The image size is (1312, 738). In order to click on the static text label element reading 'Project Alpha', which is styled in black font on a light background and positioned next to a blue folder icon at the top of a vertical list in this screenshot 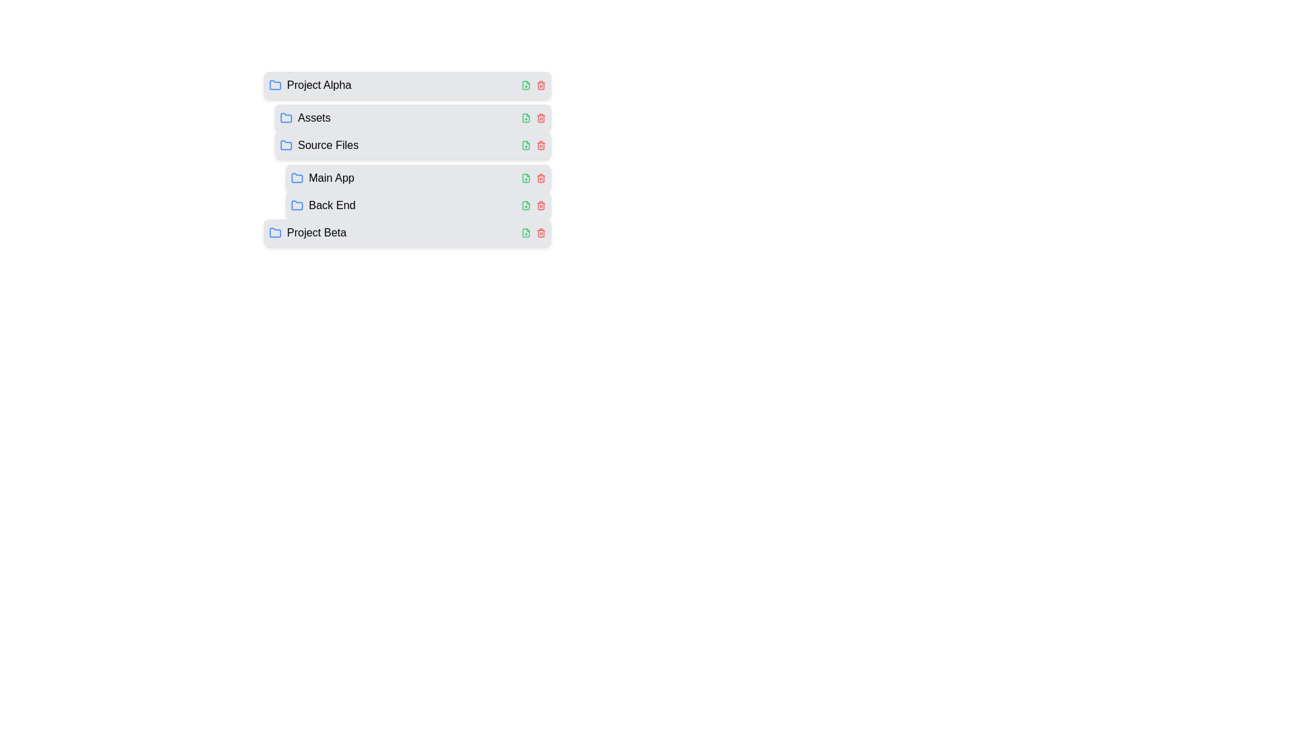, I will do `click(318, 85)`.